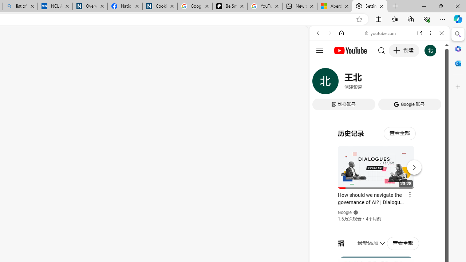 The image size is (466, 262). I want to click on 'Cookies', so click(159, 6).